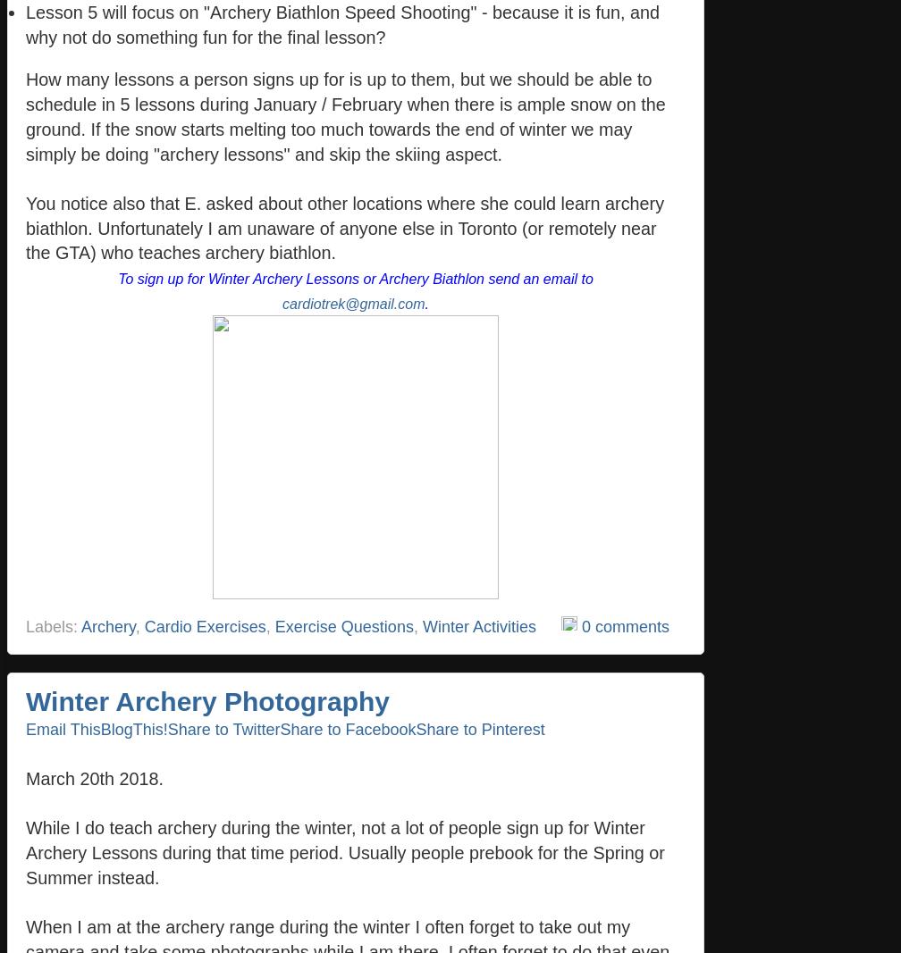 The height and width of the screenshot is (953, 901). Describe the element at coordinates (26, 23) in the screenshot. I see `'Lesson 5 will focus on "Archery Biathlon Speed Shooting" - because it is fun, and why not do something fun for the final lesson?'` at that location.